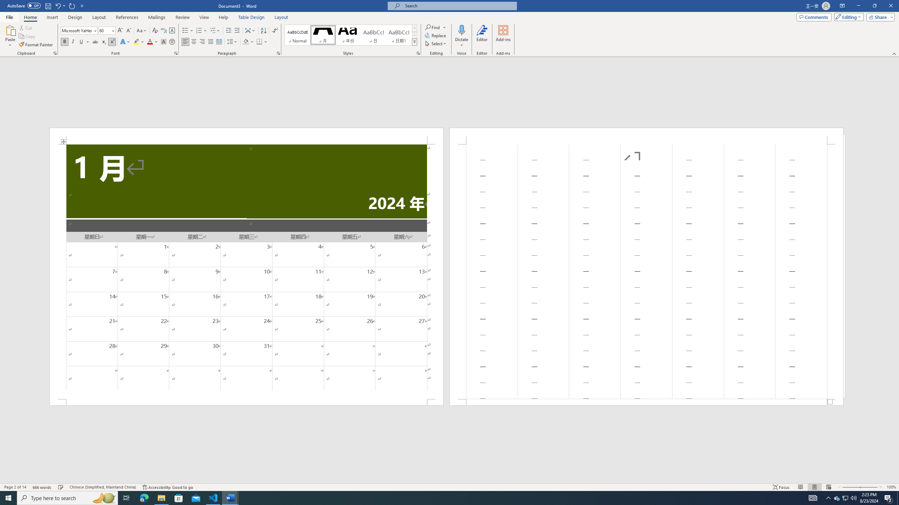 This screenshot has height=505, width=899. I want to click on 'Borders', so click(262, 41).